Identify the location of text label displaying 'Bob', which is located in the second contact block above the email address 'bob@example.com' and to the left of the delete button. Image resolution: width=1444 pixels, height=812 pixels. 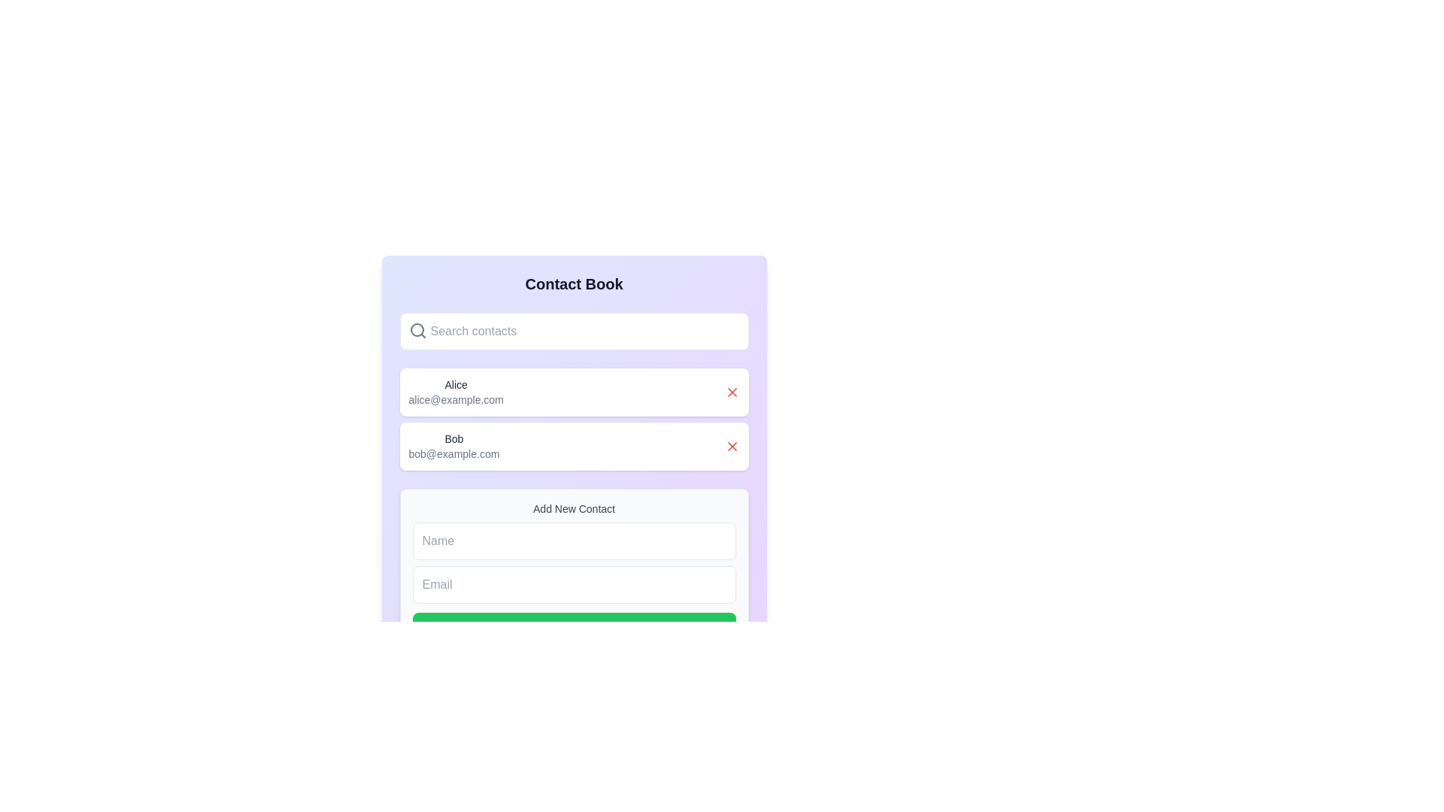
(453, 438).